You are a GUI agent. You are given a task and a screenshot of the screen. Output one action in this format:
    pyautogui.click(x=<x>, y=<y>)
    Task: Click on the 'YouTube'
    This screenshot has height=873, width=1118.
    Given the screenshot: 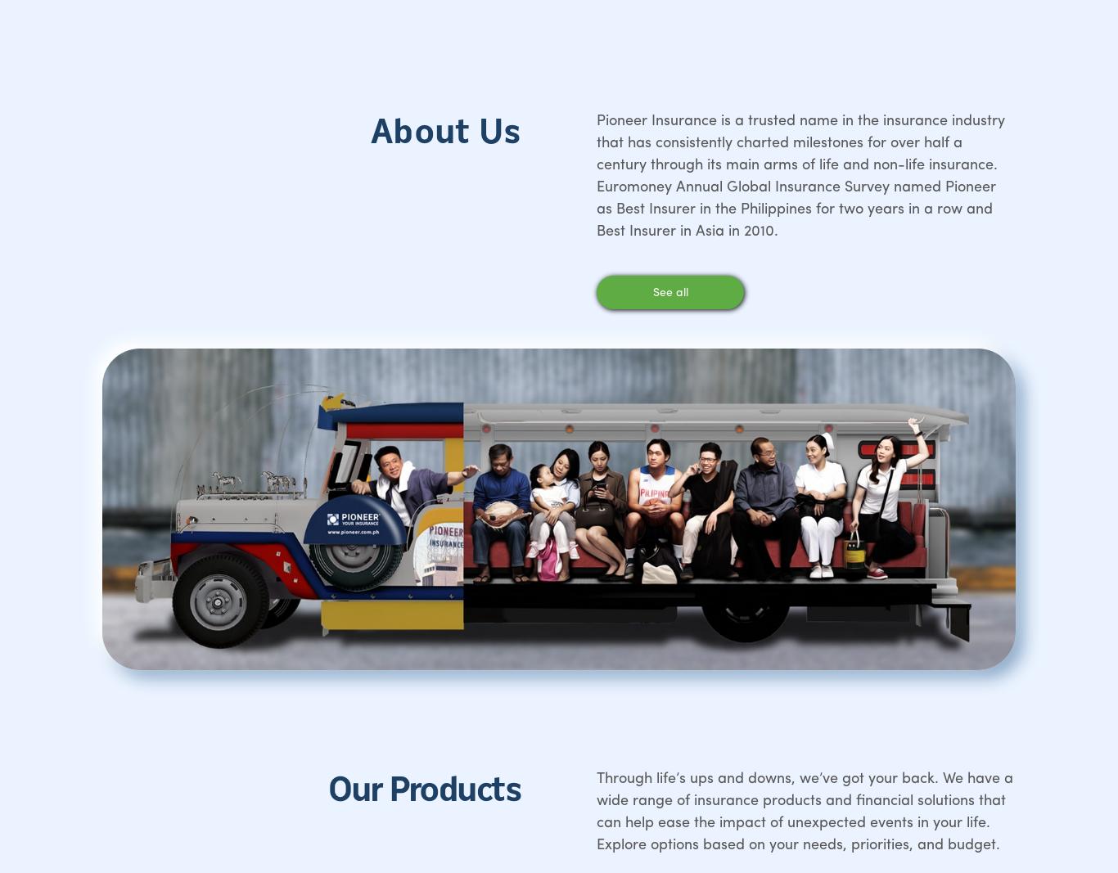 What is the action you would take?
    pyautogui.click(x=869, y=450)
    